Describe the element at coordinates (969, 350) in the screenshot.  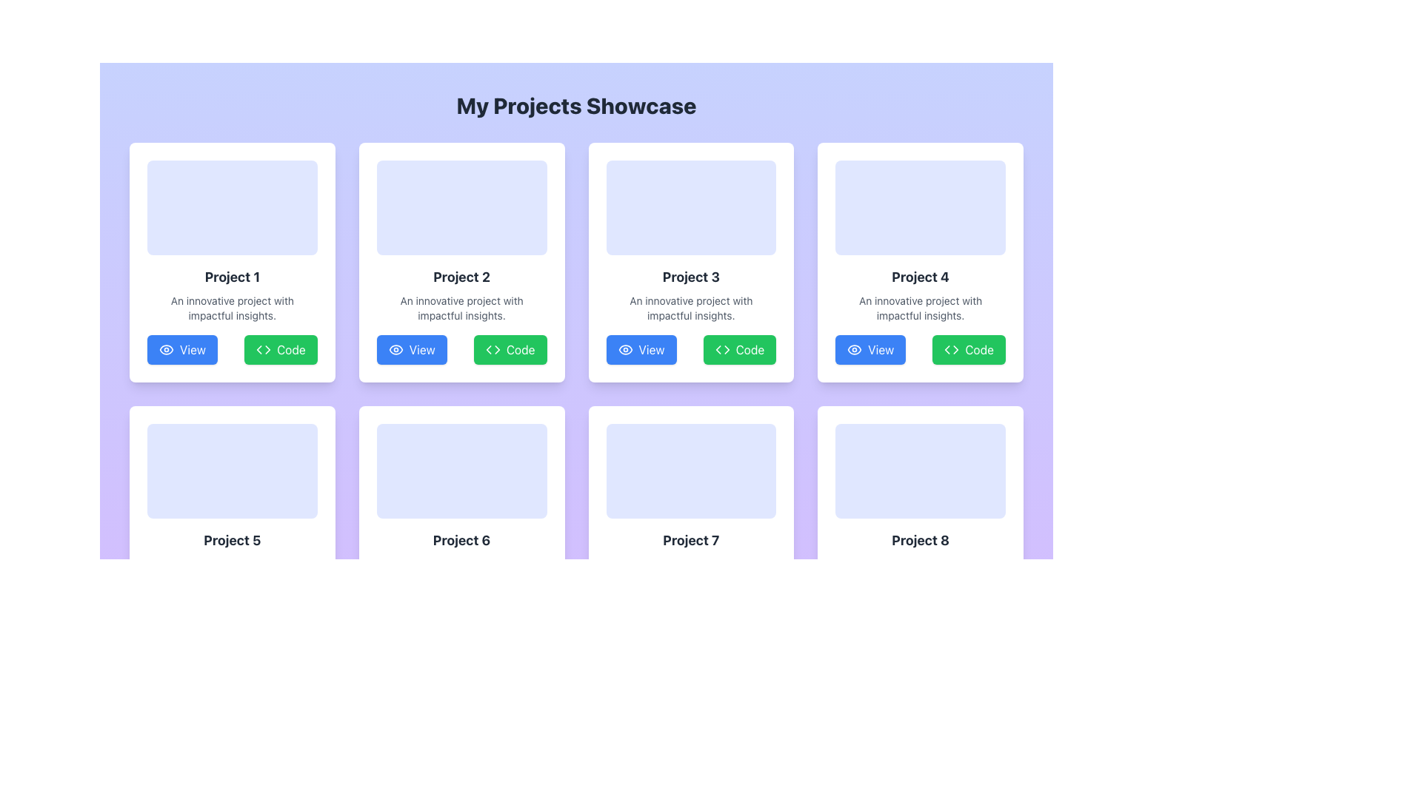
I see `the button for accessing the code related to 'Project 4' in the 'My Projects Showcase' grid` at that location.